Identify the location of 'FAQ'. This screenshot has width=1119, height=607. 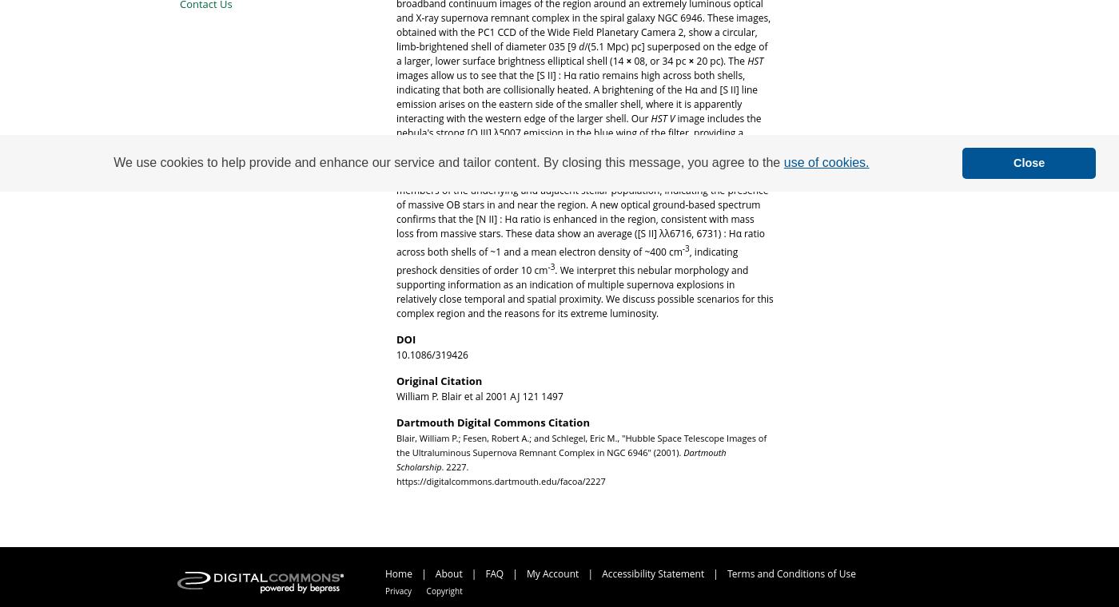
(496, 573).